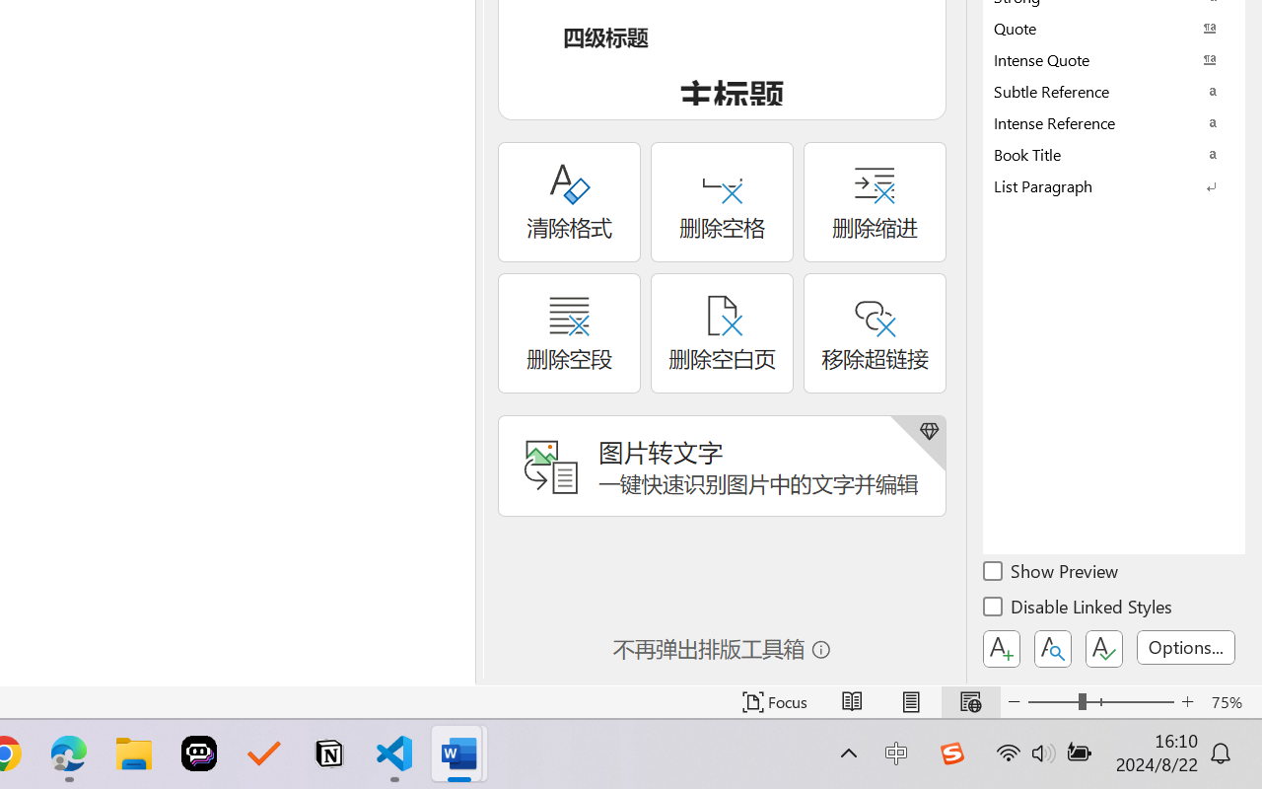  Describe the element at coordinates (1114, 184) in the screenshot. I see `'List Paragraph'` at that location.